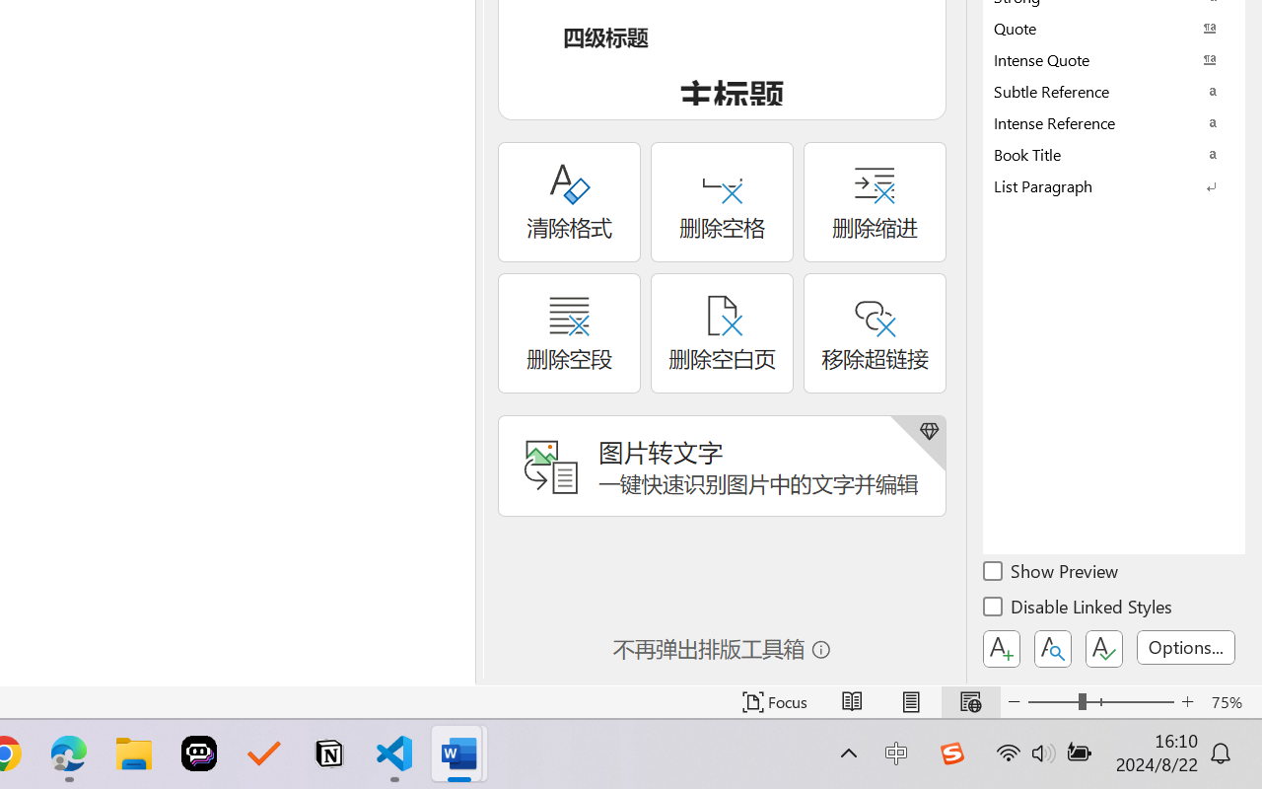  Describe the element at coordinates (1114, 184) in the screenshot. I see `'List Paragraph'` at that location.